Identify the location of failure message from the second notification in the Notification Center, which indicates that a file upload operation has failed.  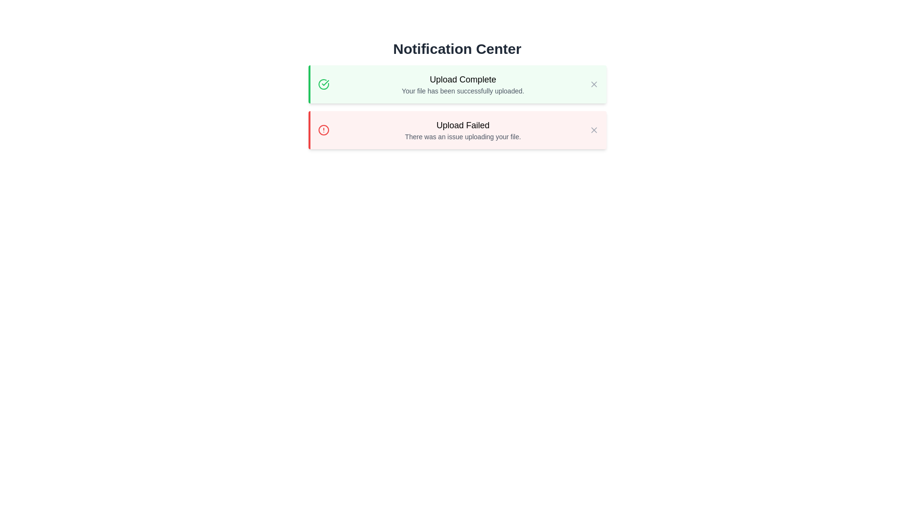
(457, 130).